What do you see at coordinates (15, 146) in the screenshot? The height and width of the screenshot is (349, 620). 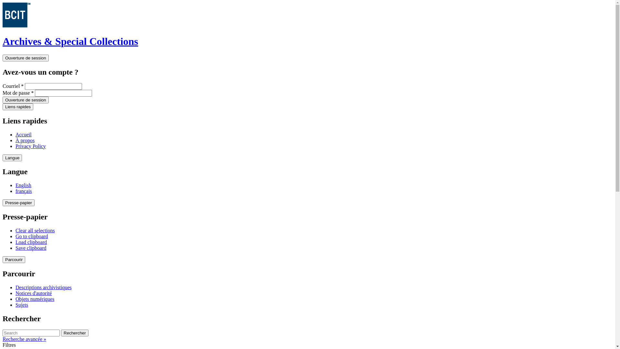 I see `'Privacy Policy'` at bounding box center [15, 146].